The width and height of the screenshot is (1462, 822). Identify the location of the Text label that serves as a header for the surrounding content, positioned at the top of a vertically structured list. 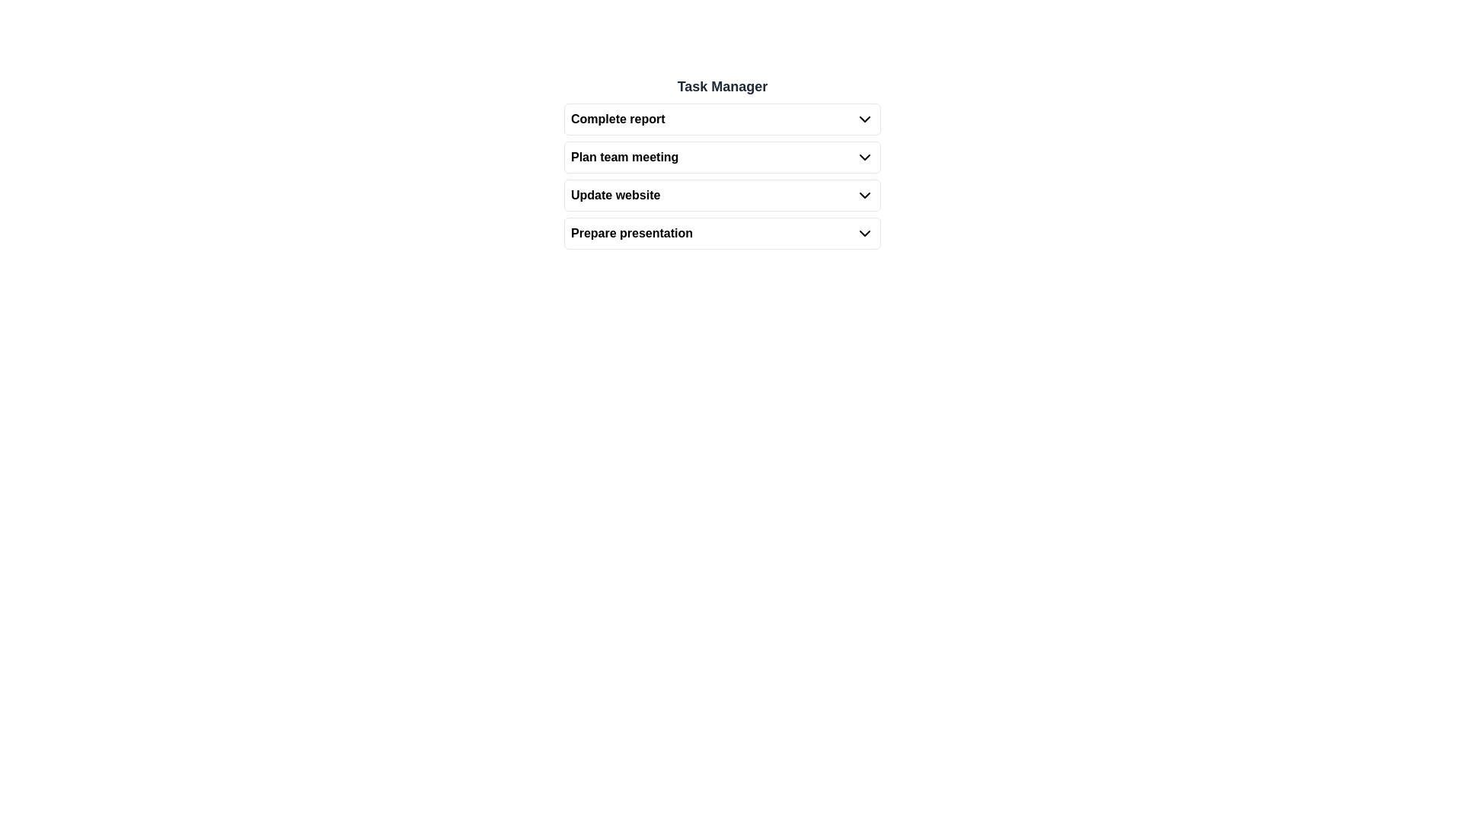
(722, 87).